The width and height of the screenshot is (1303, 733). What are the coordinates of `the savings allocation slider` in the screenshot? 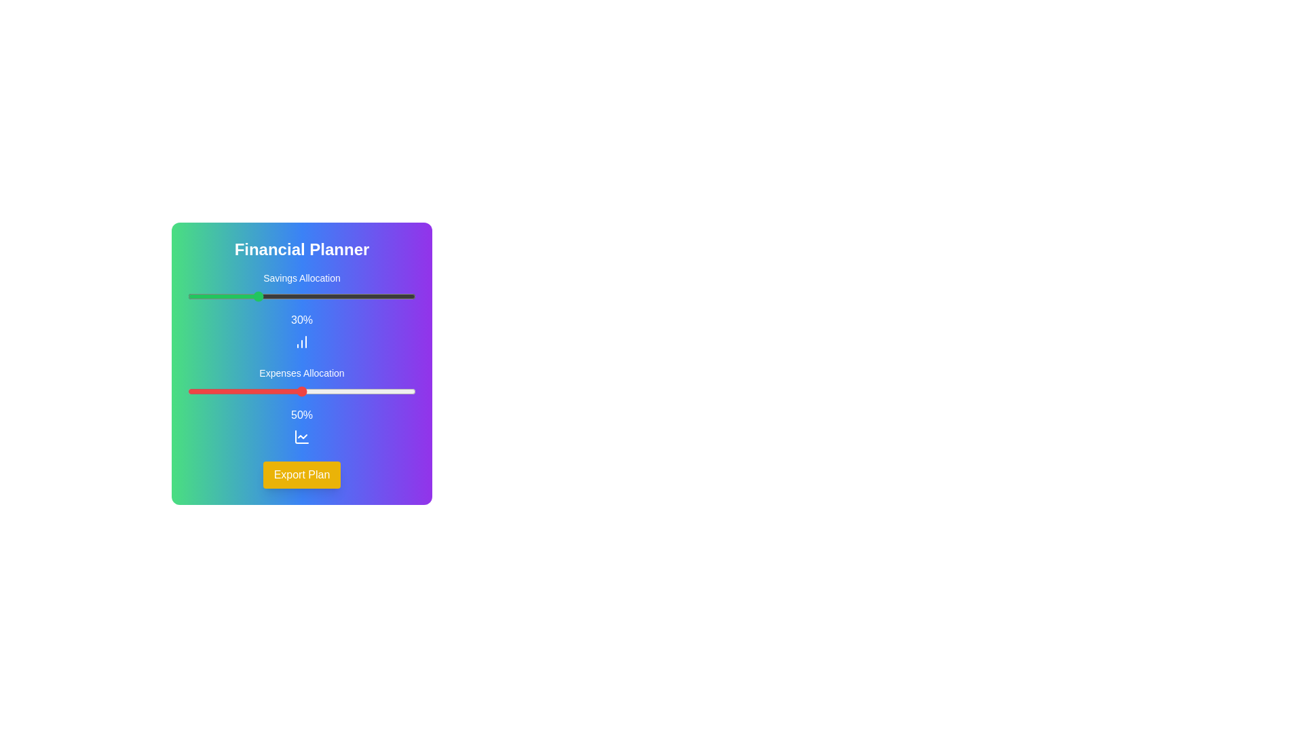 It's located at (217, 295).